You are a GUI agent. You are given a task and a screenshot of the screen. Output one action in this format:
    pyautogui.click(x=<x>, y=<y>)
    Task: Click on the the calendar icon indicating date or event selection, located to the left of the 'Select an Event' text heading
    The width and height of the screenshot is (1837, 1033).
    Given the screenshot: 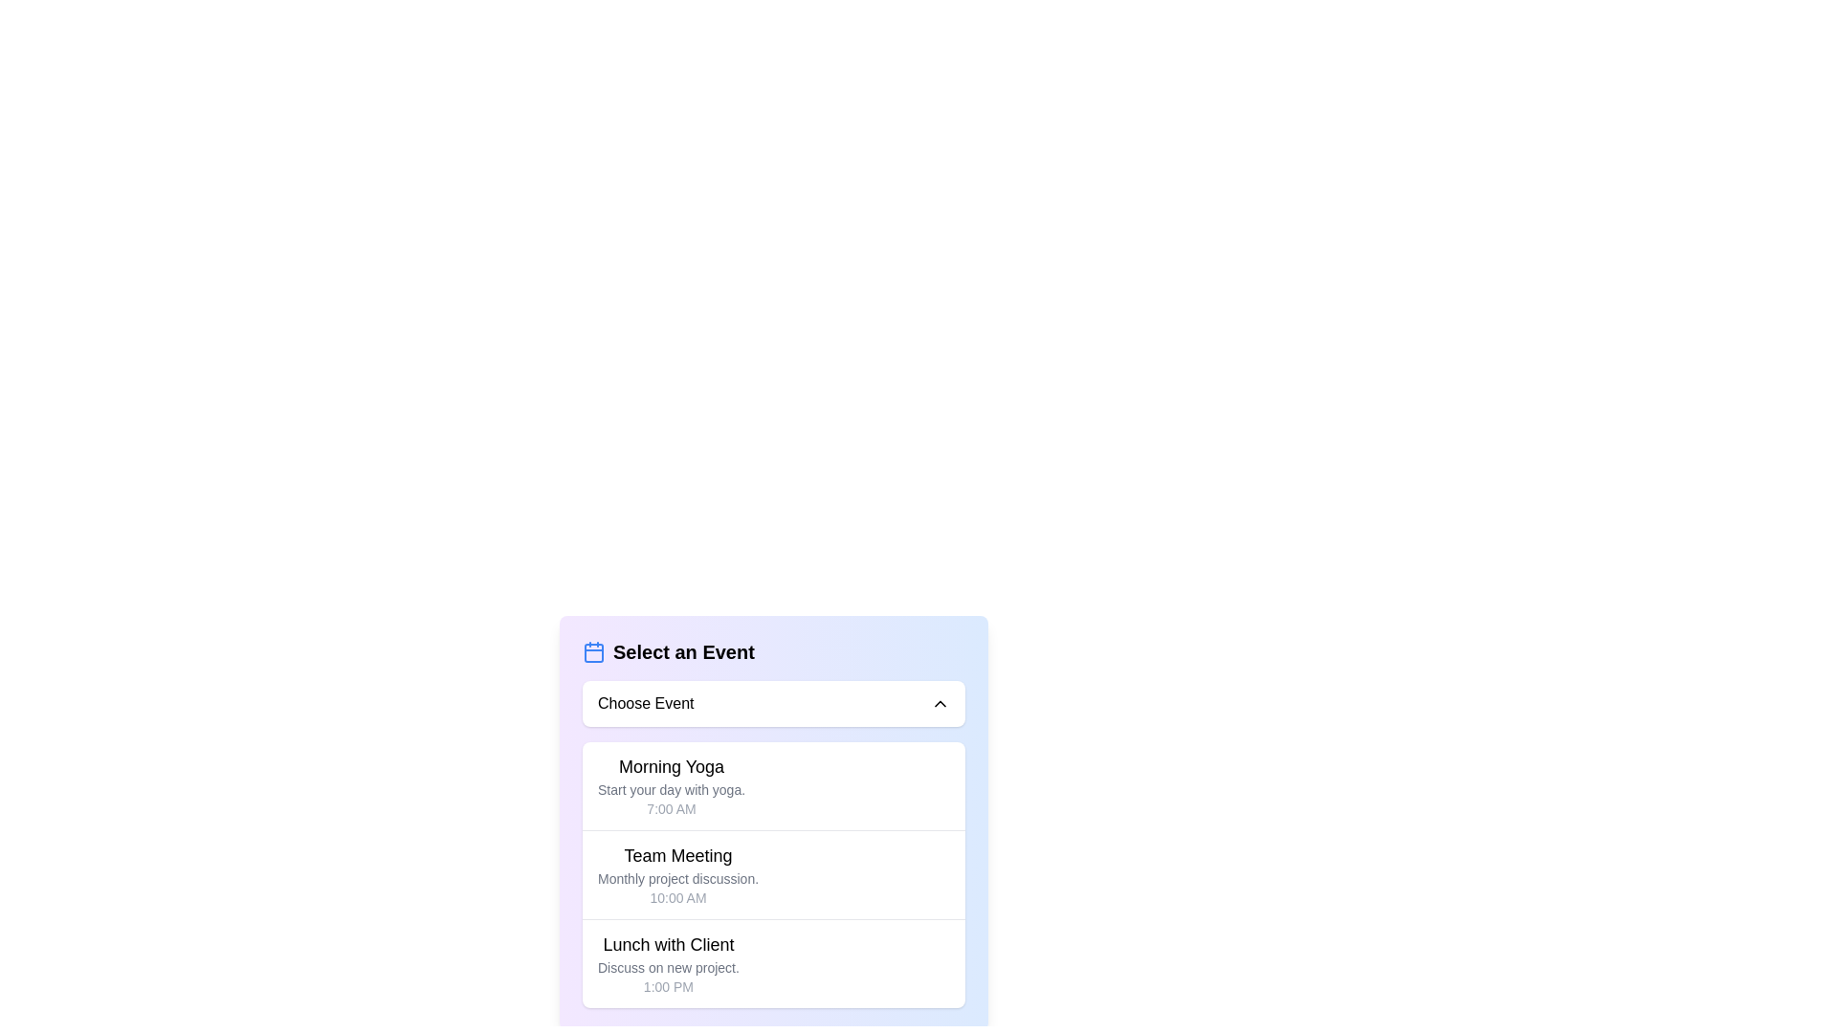 What is the action you would take?
    pyautogui.click(x=592, y=651)
    